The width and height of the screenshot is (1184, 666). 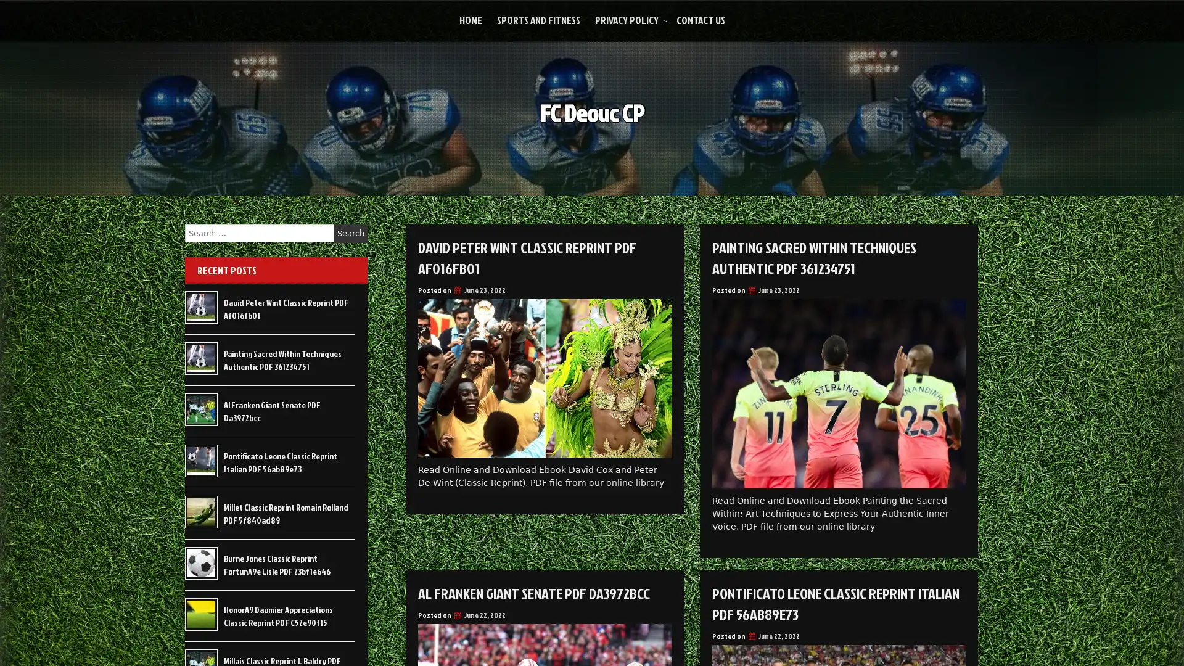 What do you see at coordinates (350, 233) in the screenshot?
I see `Search` at bounding box center [350, 233].